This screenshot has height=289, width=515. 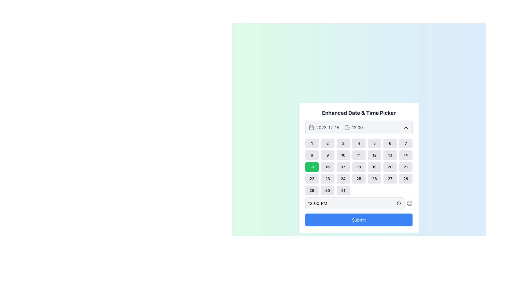 What do you see at coordinates (347, 128) in the screenshot?
I see `central circle in the clock icon located on the left side of the time picker interface` at bounding box center [347, 128].